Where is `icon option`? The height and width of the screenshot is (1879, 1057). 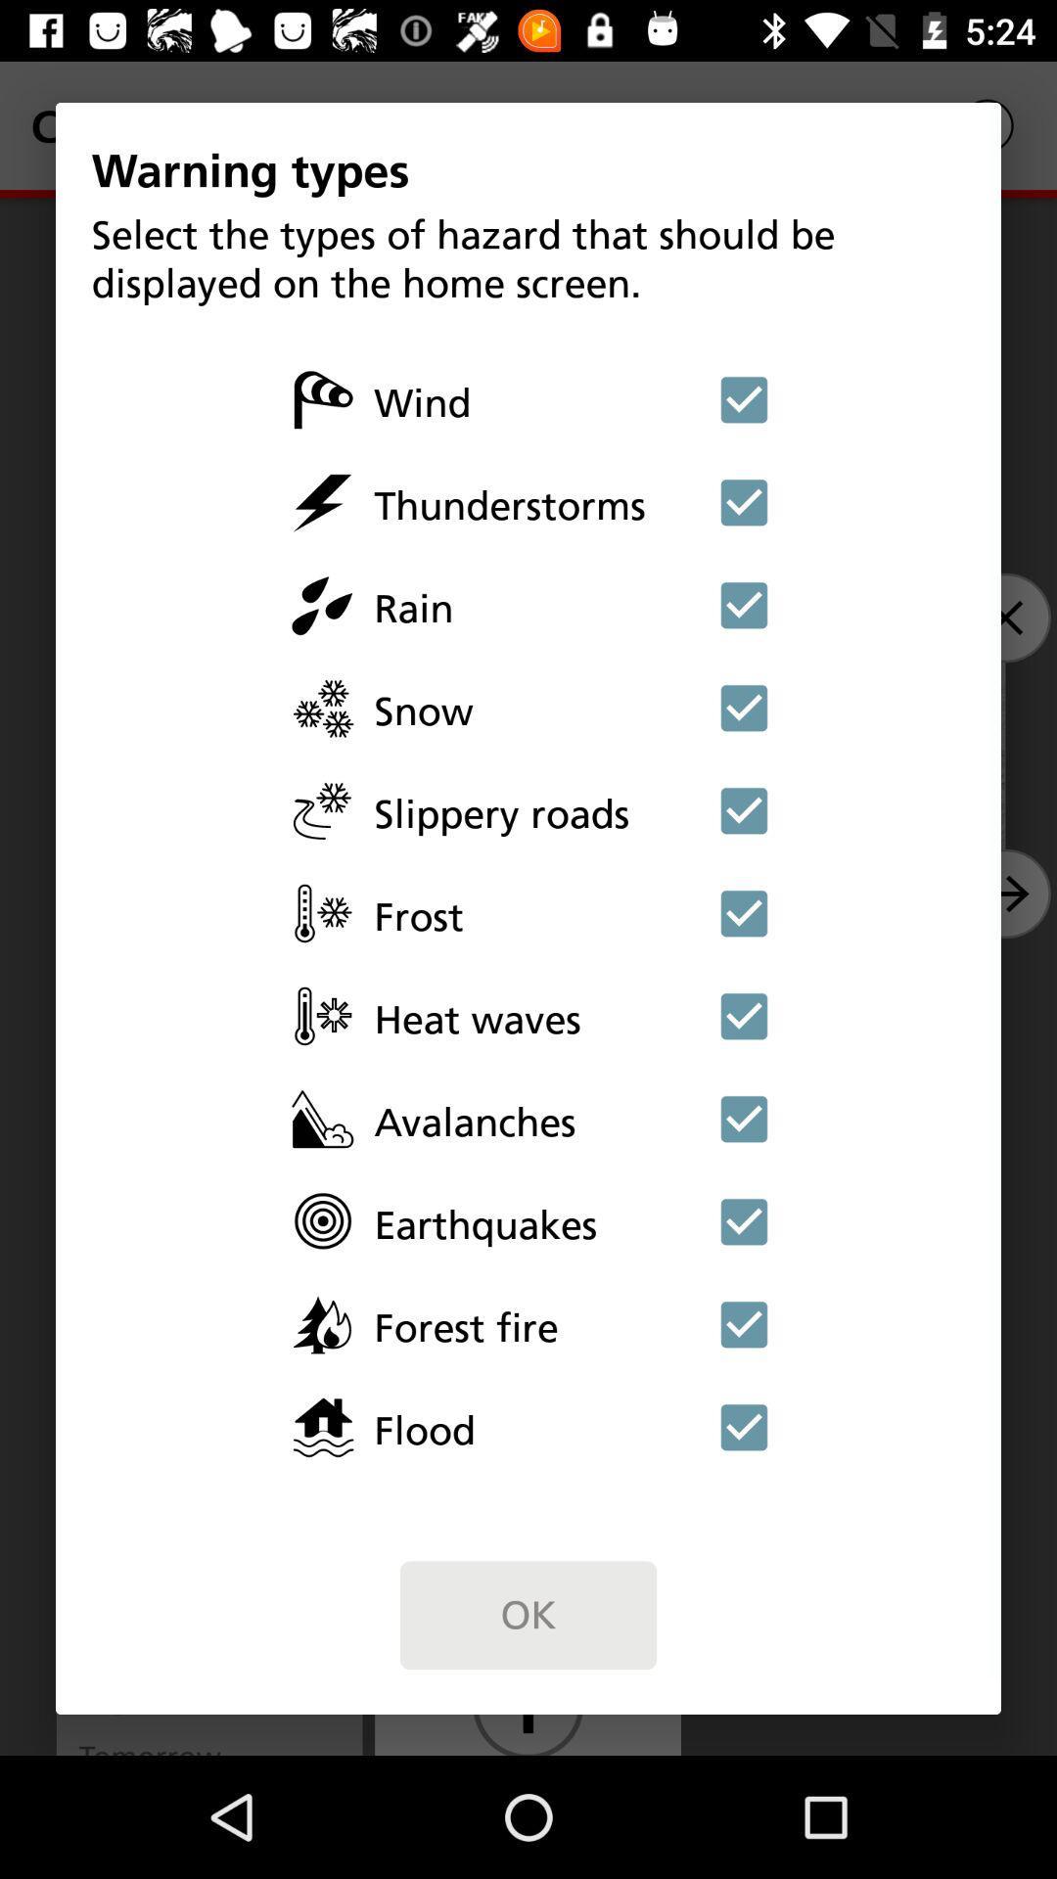
icon option is located at coordinates (744, 502).